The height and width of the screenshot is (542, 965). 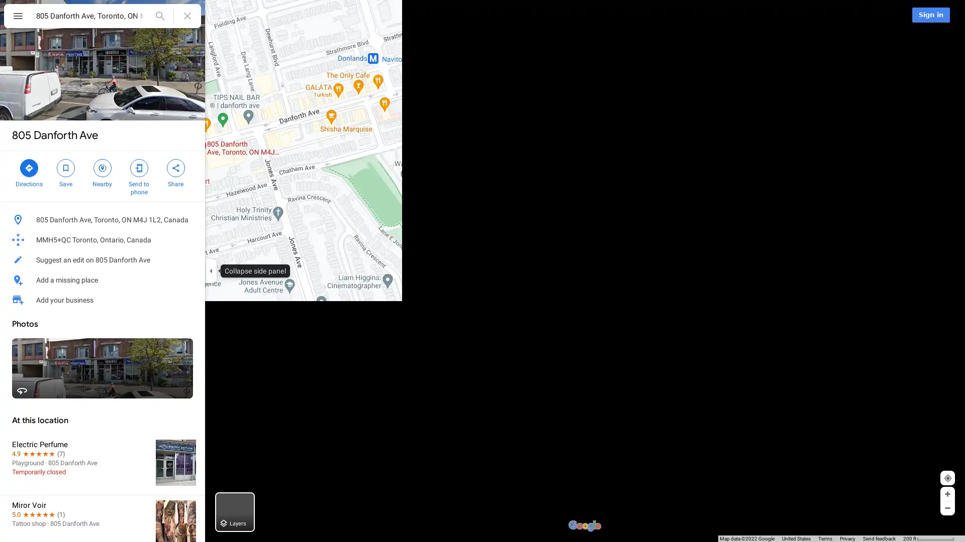 I want to click on Parking, so click(x=456, y=16).